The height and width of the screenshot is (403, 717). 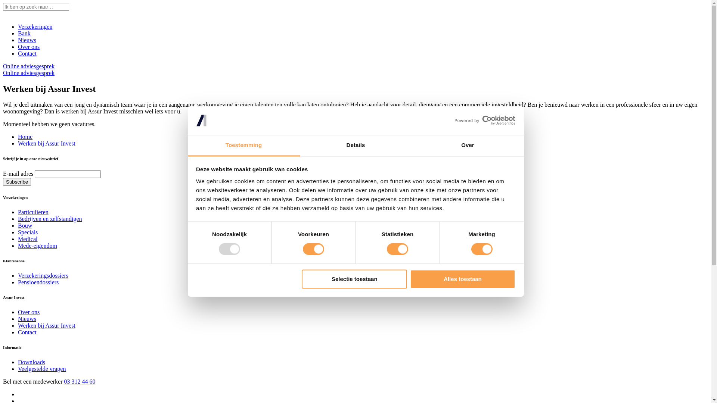 I want to click on 'Veelgestelde vragen', so click(x=41, y=368).